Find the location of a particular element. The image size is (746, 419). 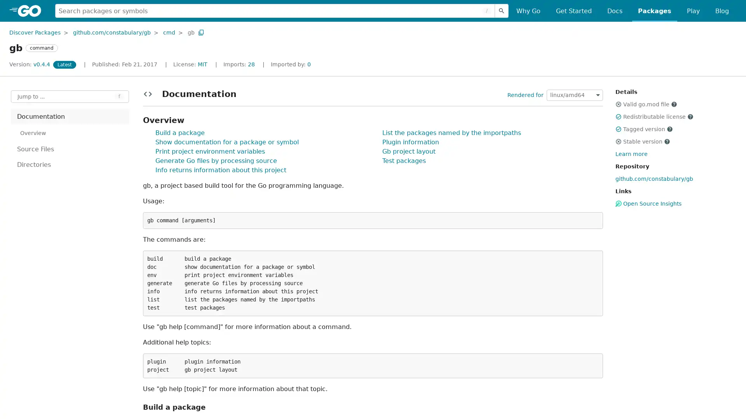

Copy Path to Clipboard is located at coordinates (201, 32).